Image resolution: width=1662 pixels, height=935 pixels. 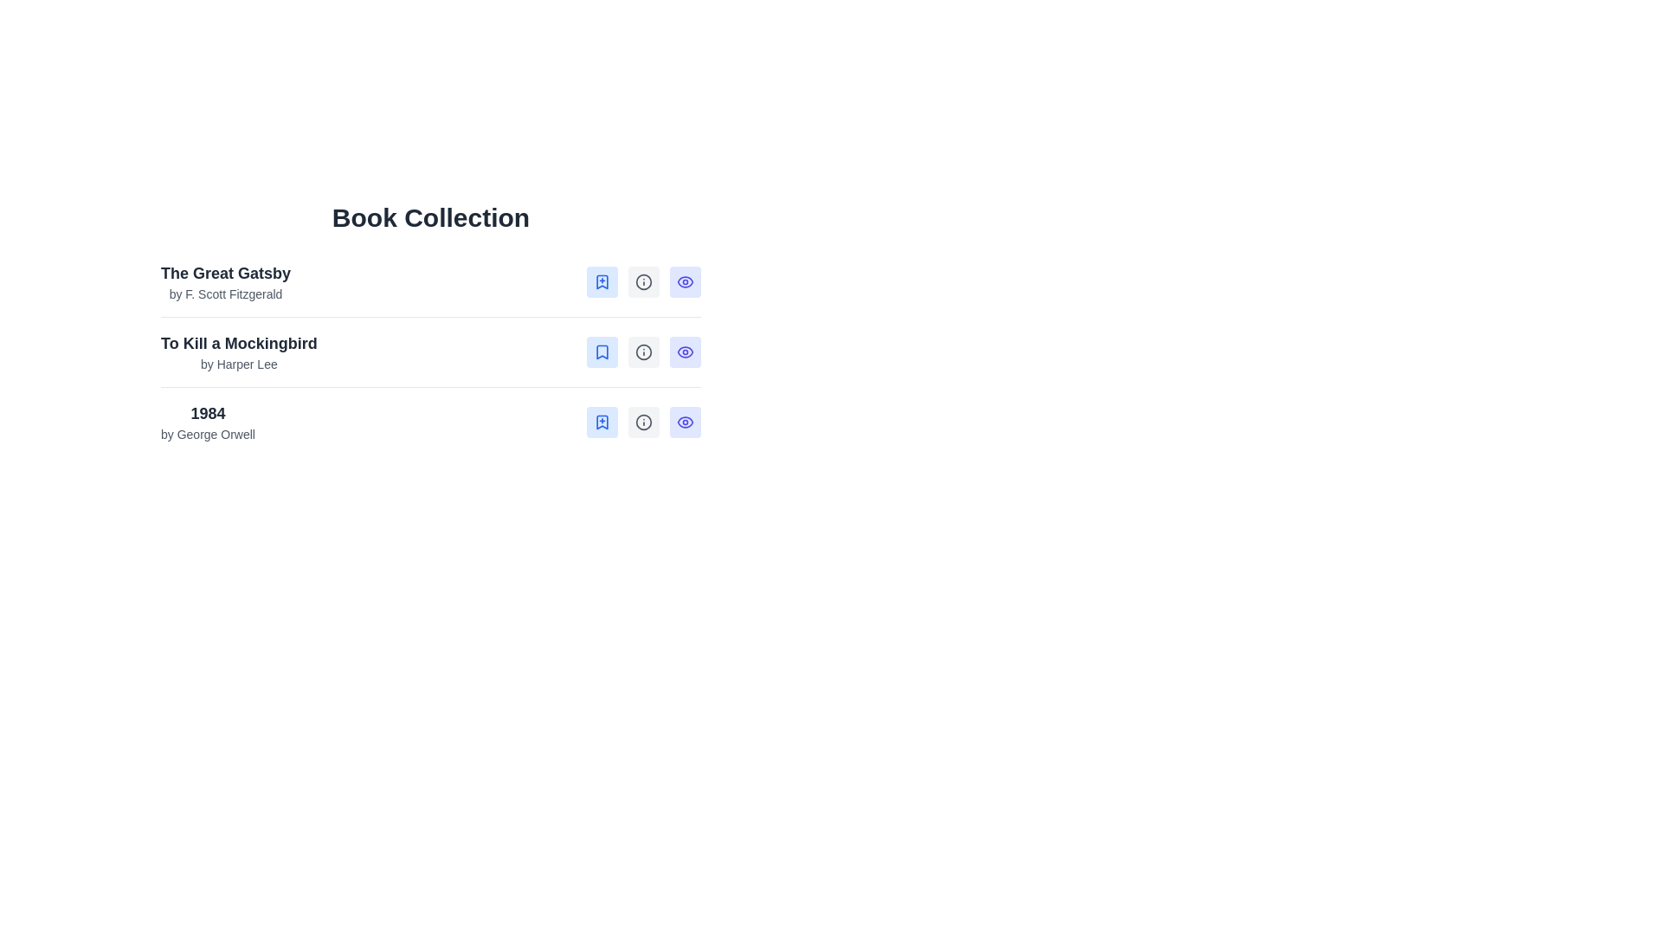 I want to click on the second clickable button in a row of three, located near the right of the first entry in the list, to change its background color, so click(x=643, y=281).